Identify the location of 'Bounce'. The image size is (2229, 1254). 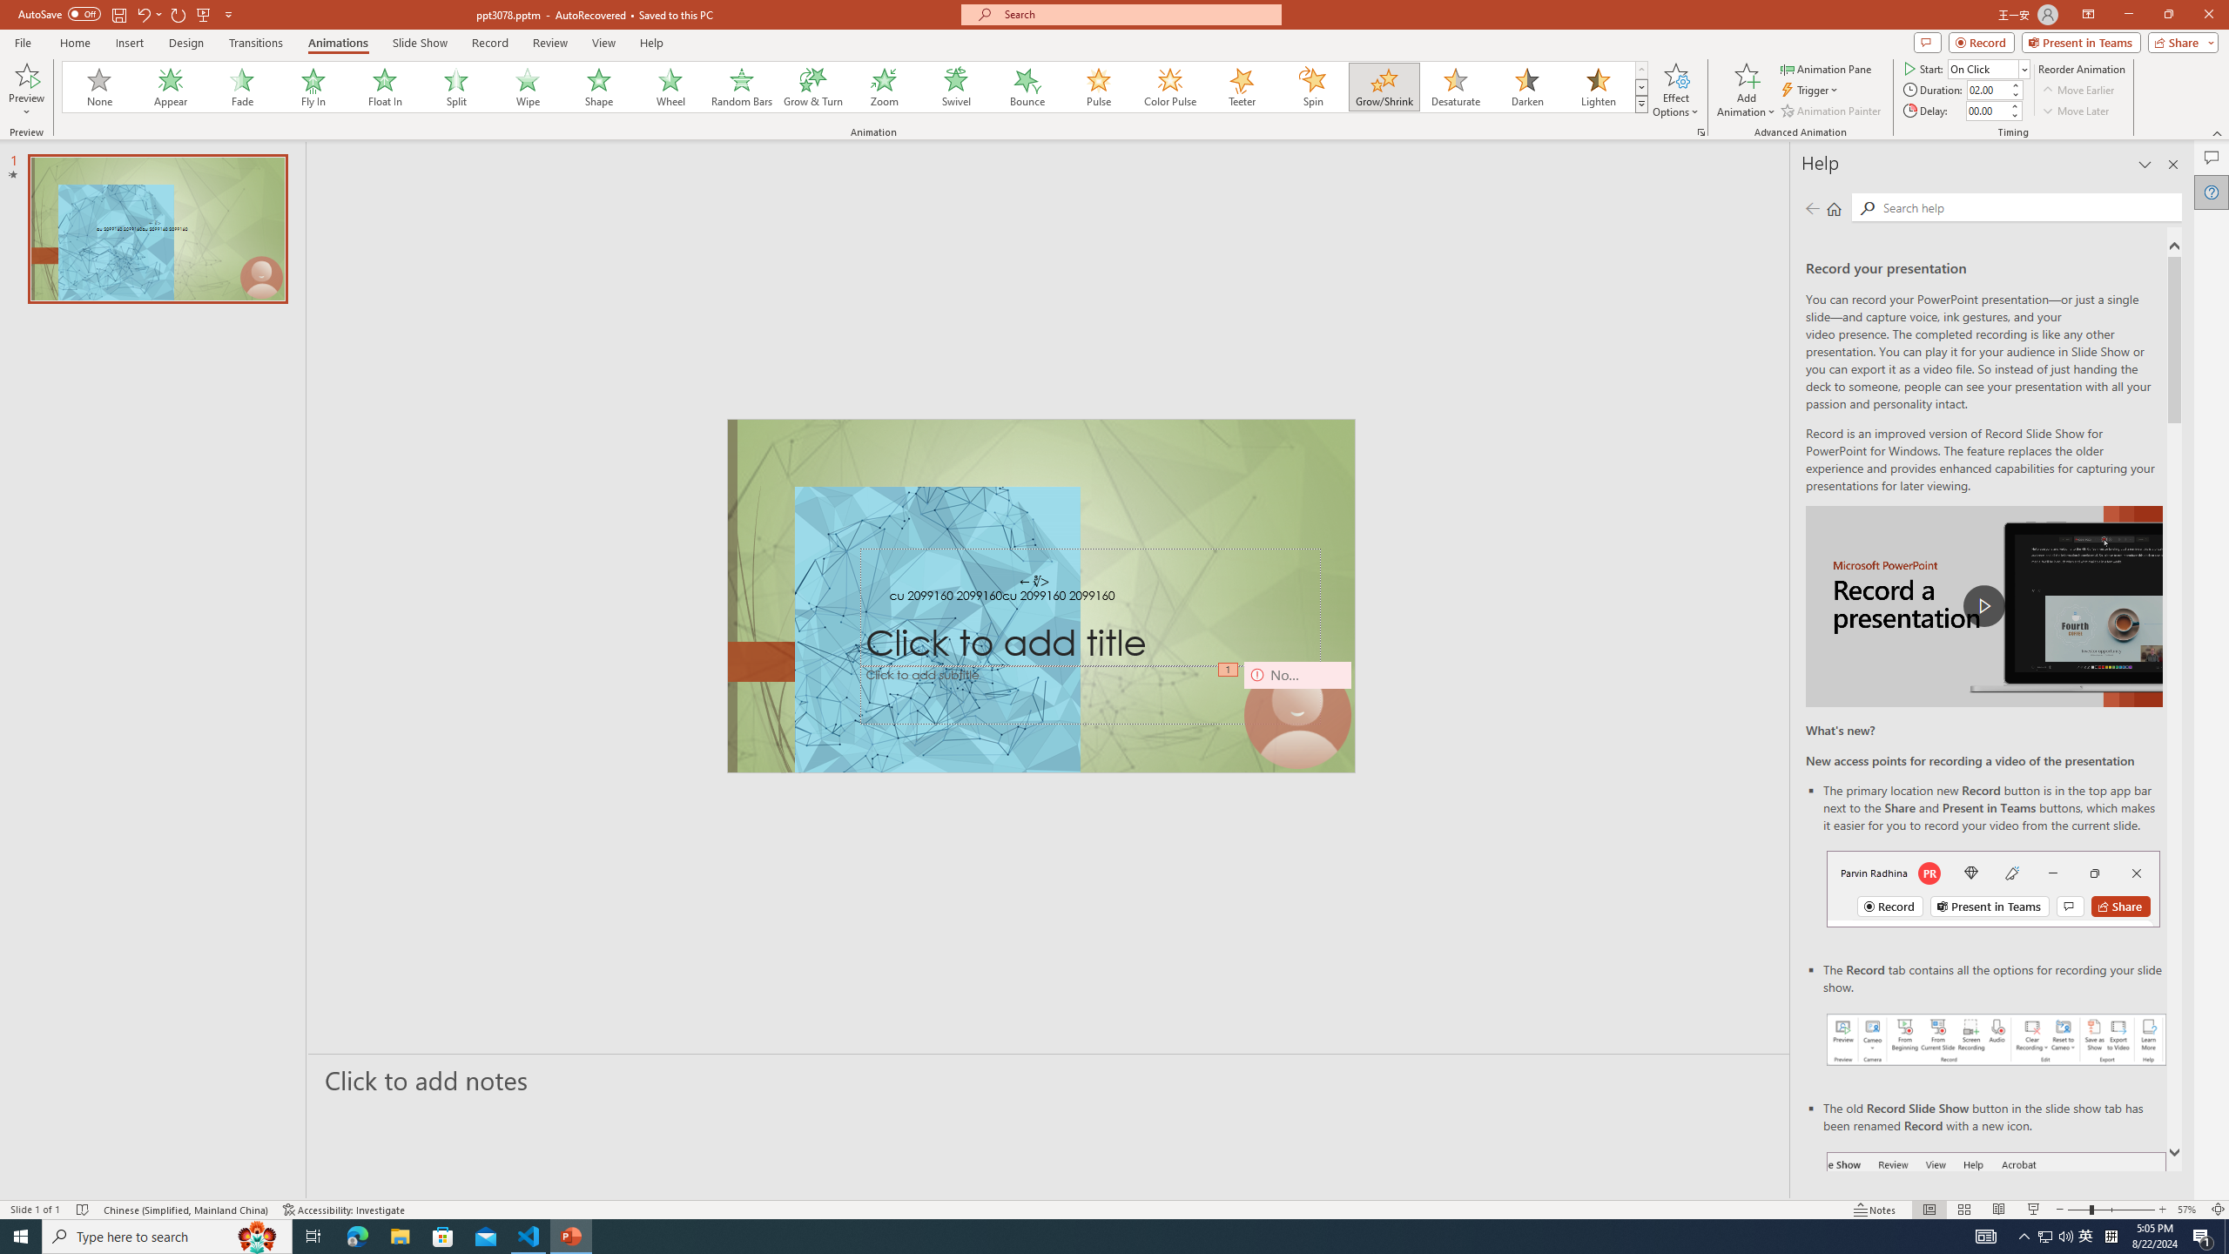
(1027, 86).